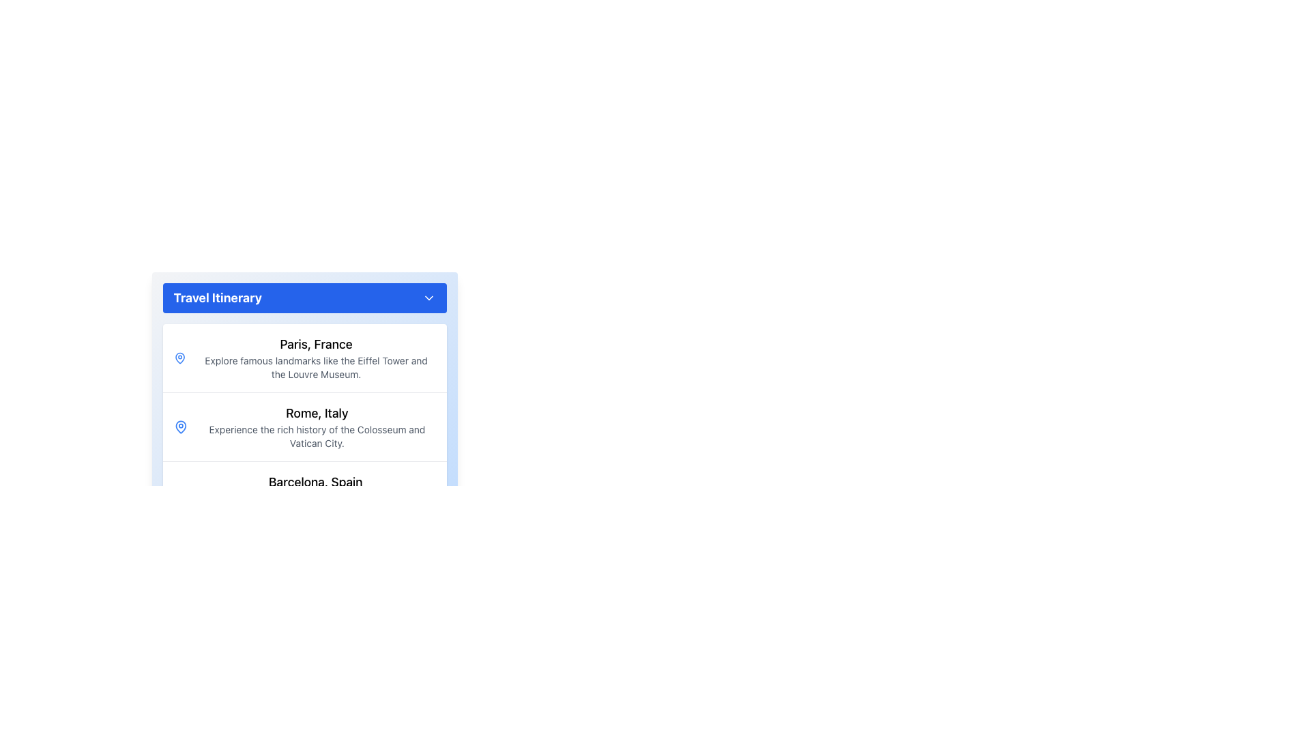 This screenshot has height=737, width=1310. I want to click on the third entry in the 'Travel Itinerary' list, which provides information about Barcelona, Spain, to interact with additional related actions or navigation, so click(315, 495).